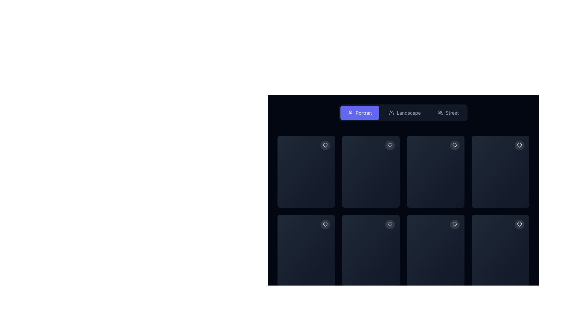  Describe the element at coordinates (440, 113) in the screenshot. I see `the icon representing a group of three individuals located to the left of the 'Street' button in the top navigation bar` at that location.